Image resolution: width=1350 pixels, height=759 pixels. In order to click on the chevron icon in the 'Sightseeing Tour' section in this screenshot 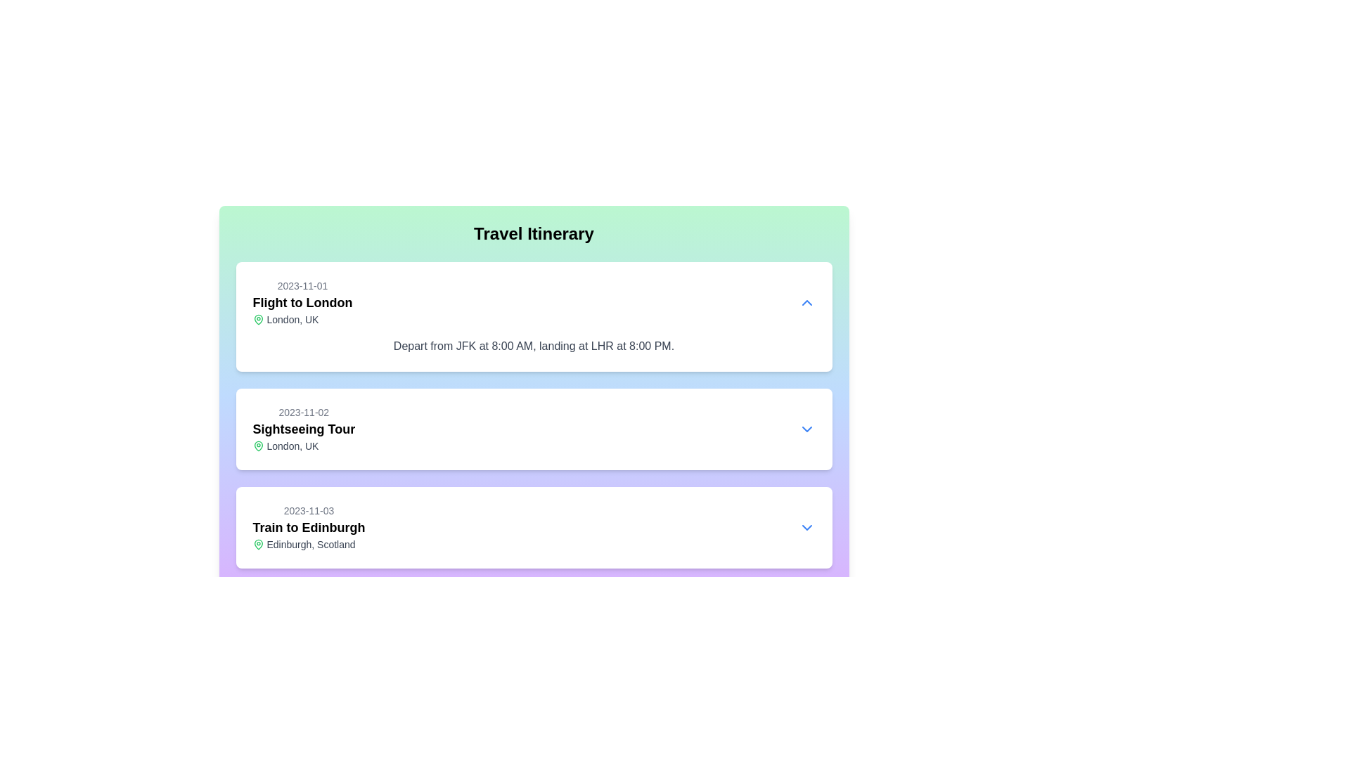, I will do `click(806, 428)`.